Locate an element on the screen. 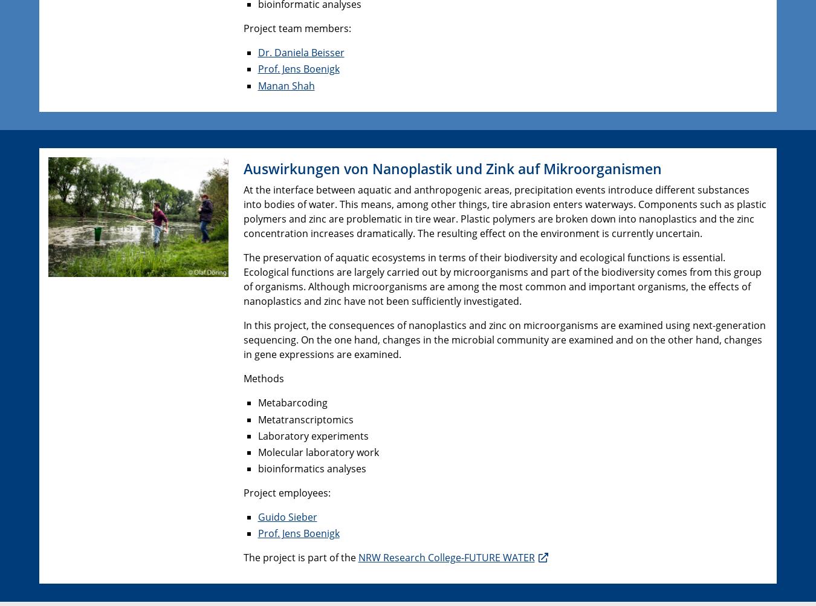  'Guido Sieber' is located at coordinates (287, 517).